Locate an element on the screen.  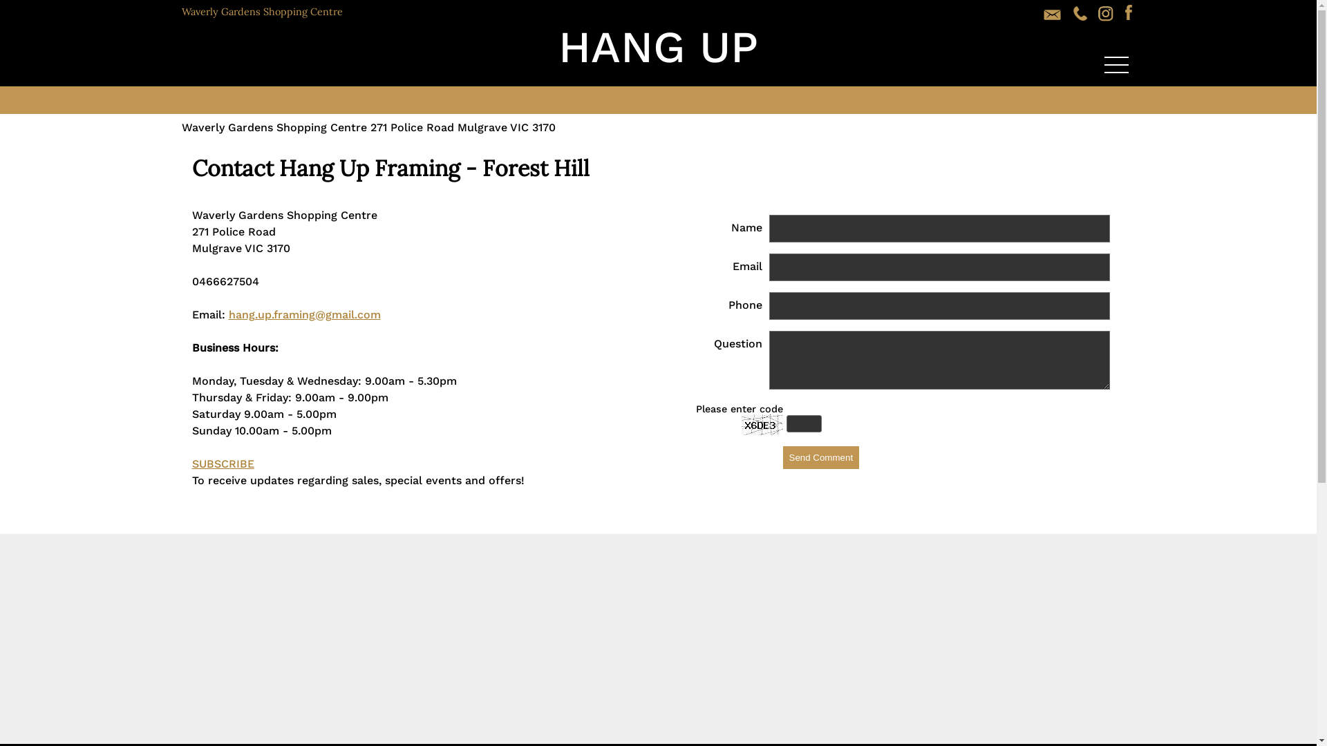
'Send Comment' is located at coordinates (782, 457).